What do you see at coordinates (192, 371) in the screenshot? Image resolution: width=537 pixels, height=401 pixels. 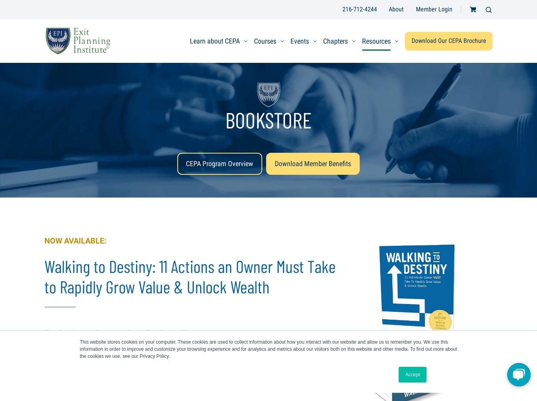 I see `'Walking to Destiny is not only your essential resource to understand what makes your business attractive and ready for transition; it is a business owner’s handbook to know HOW TO rapidly grow value and ultimately unlock the personal wealth trapped in your most significant financial asset: Your Business.'` at bounding box center [192, 371].